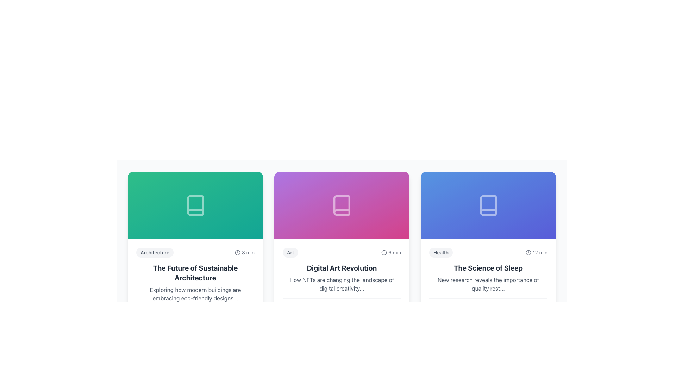  I want to click on the decorative book icon located at the center of the card with a purple gradient background, which is the middle card in a row of three cards, so click(342, 205).